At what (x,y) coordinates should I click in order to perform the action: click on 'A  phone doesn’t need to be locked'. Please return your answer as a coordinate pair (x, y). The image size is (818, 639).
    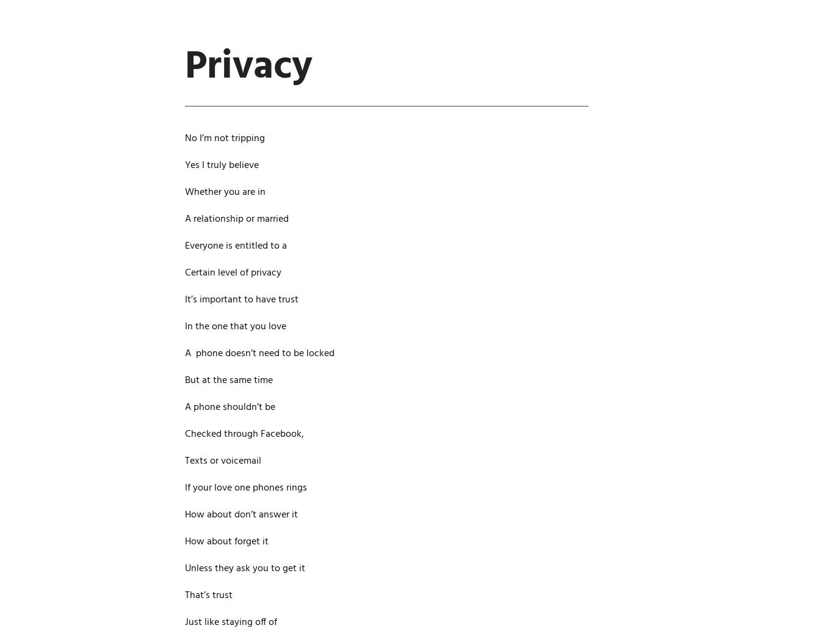
    Looking at the image, I should click on (259, 353).